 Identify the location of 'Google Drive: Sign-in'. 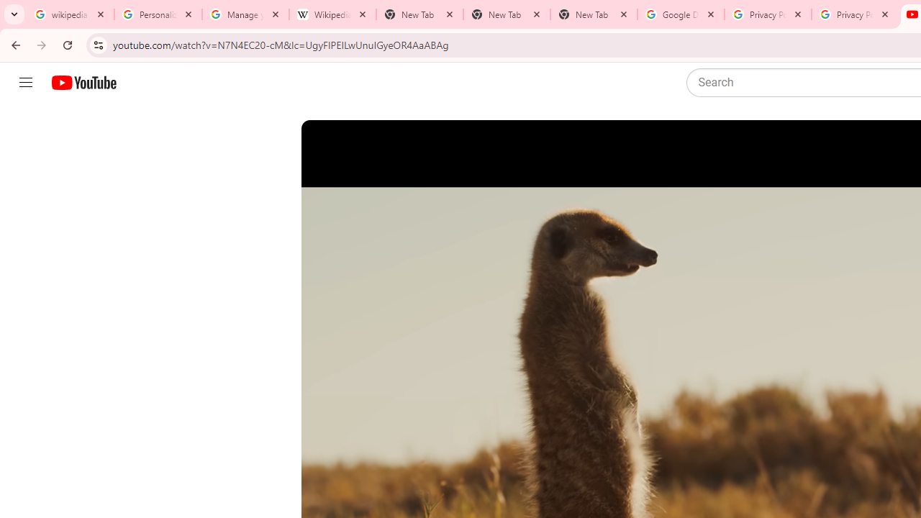
(680, 14).